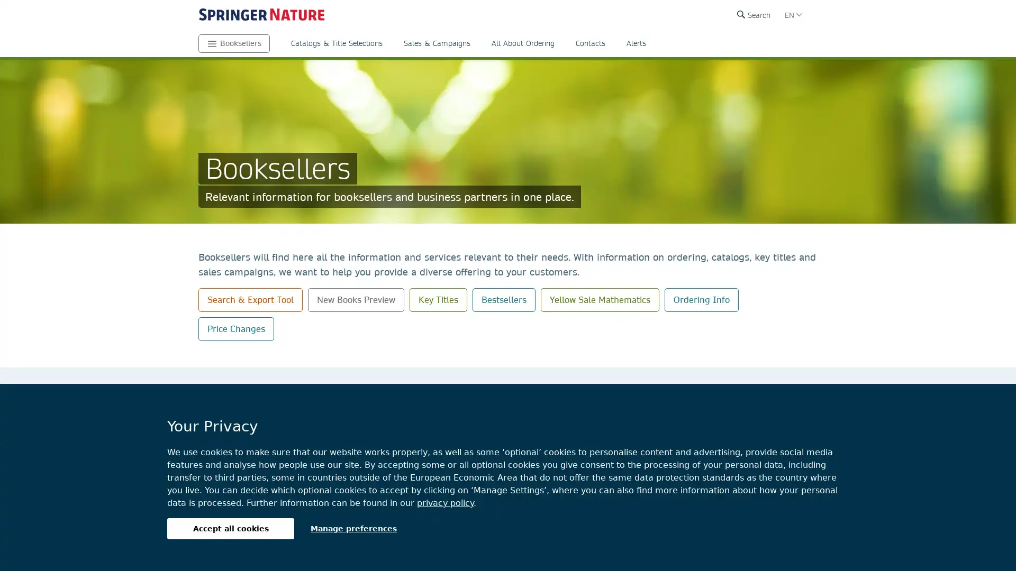 This screenshot has width=1016, height=571. I want to click on Accept all cookies, so click(230, 528).